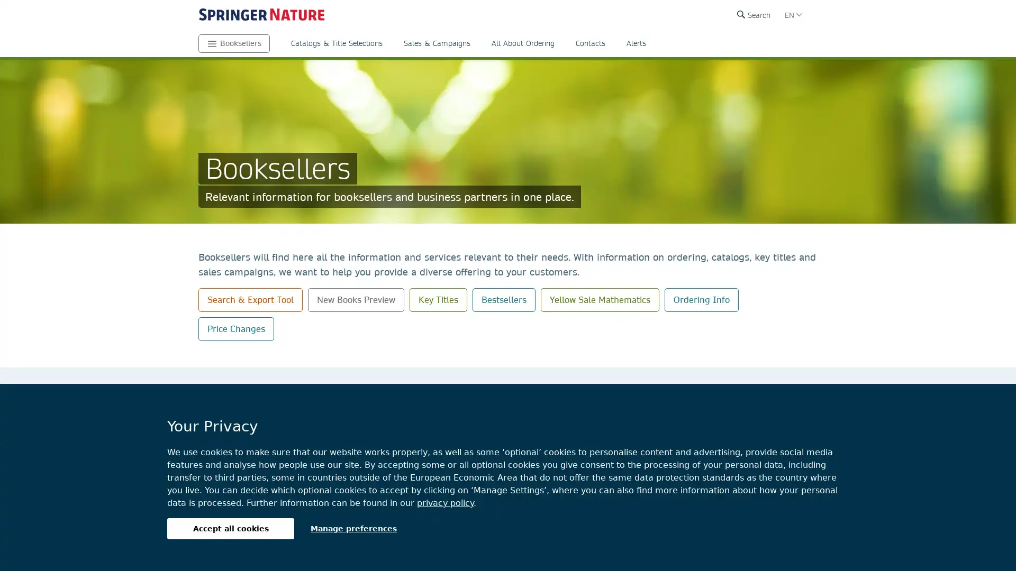 This screenshot has width=1016, height=571. I want to click on Accept all cookies, so click(230, 528).